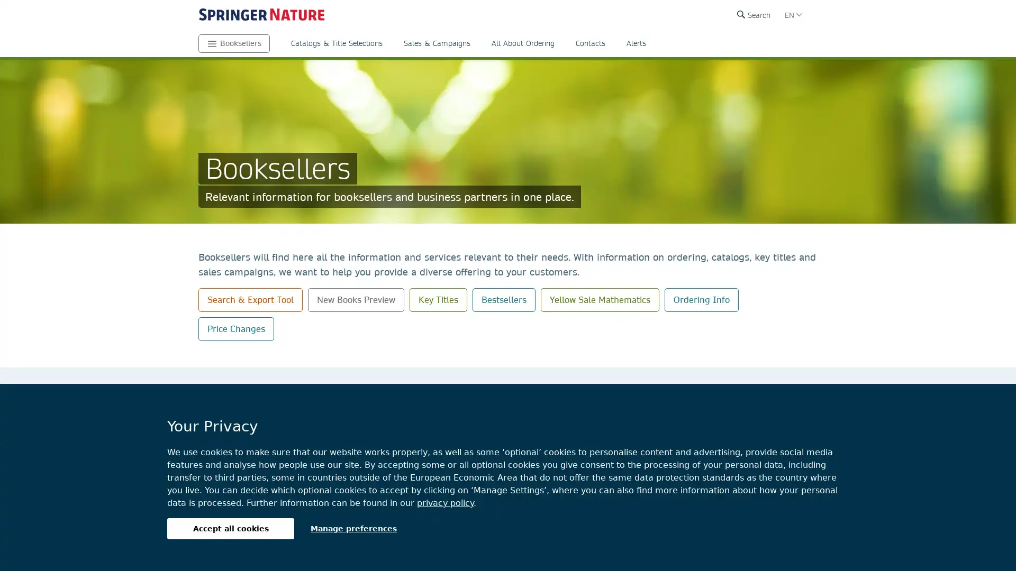 This screenshot has width=1016, height=571. I want to click on Accept all cookies, so click(230, 528).